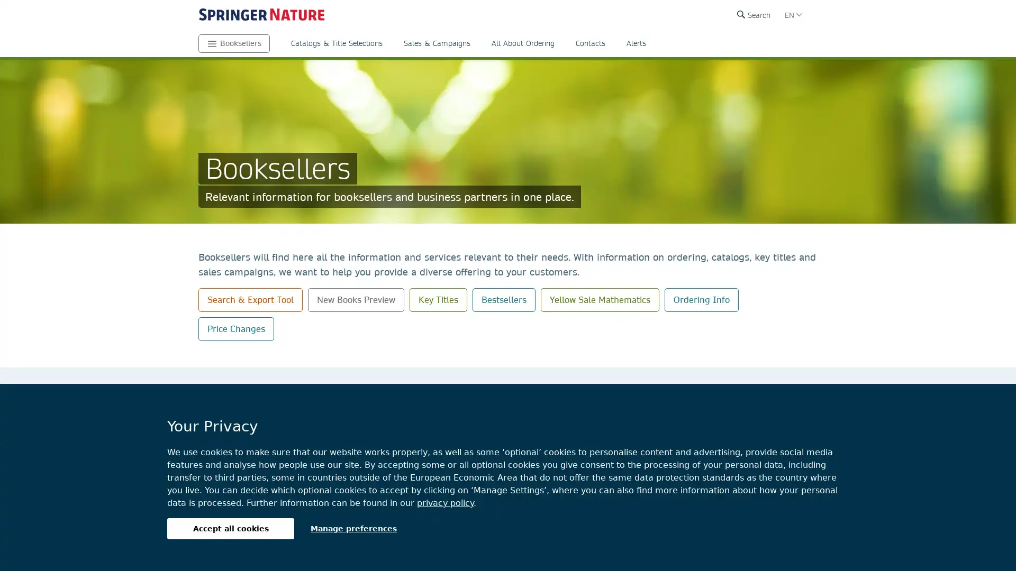 This screenshot has width=1016, height=571. I want to click on Accept all cookies, so click(230, 528).